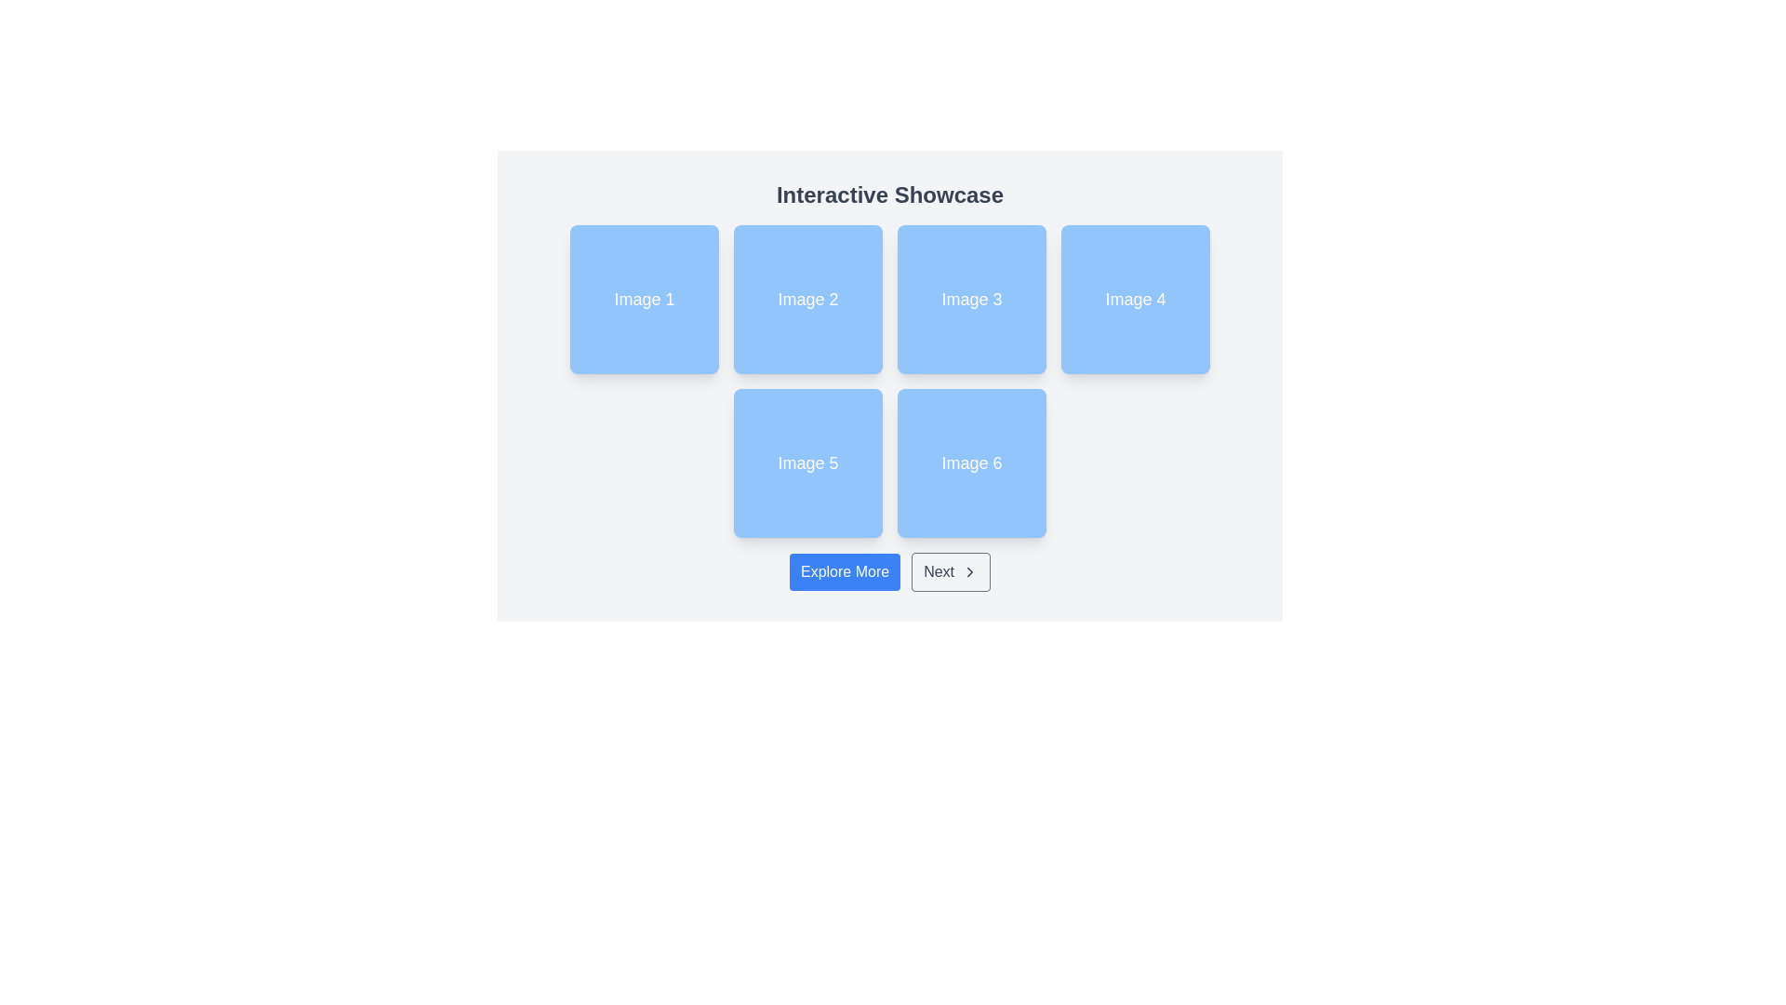 This screenshot has width=1786, height=1005. I want to click on the chevron-right icon that indicates the 'Next' button, located adjacent to the 'Explore More' button in the main navigation area, so click(968, 570).